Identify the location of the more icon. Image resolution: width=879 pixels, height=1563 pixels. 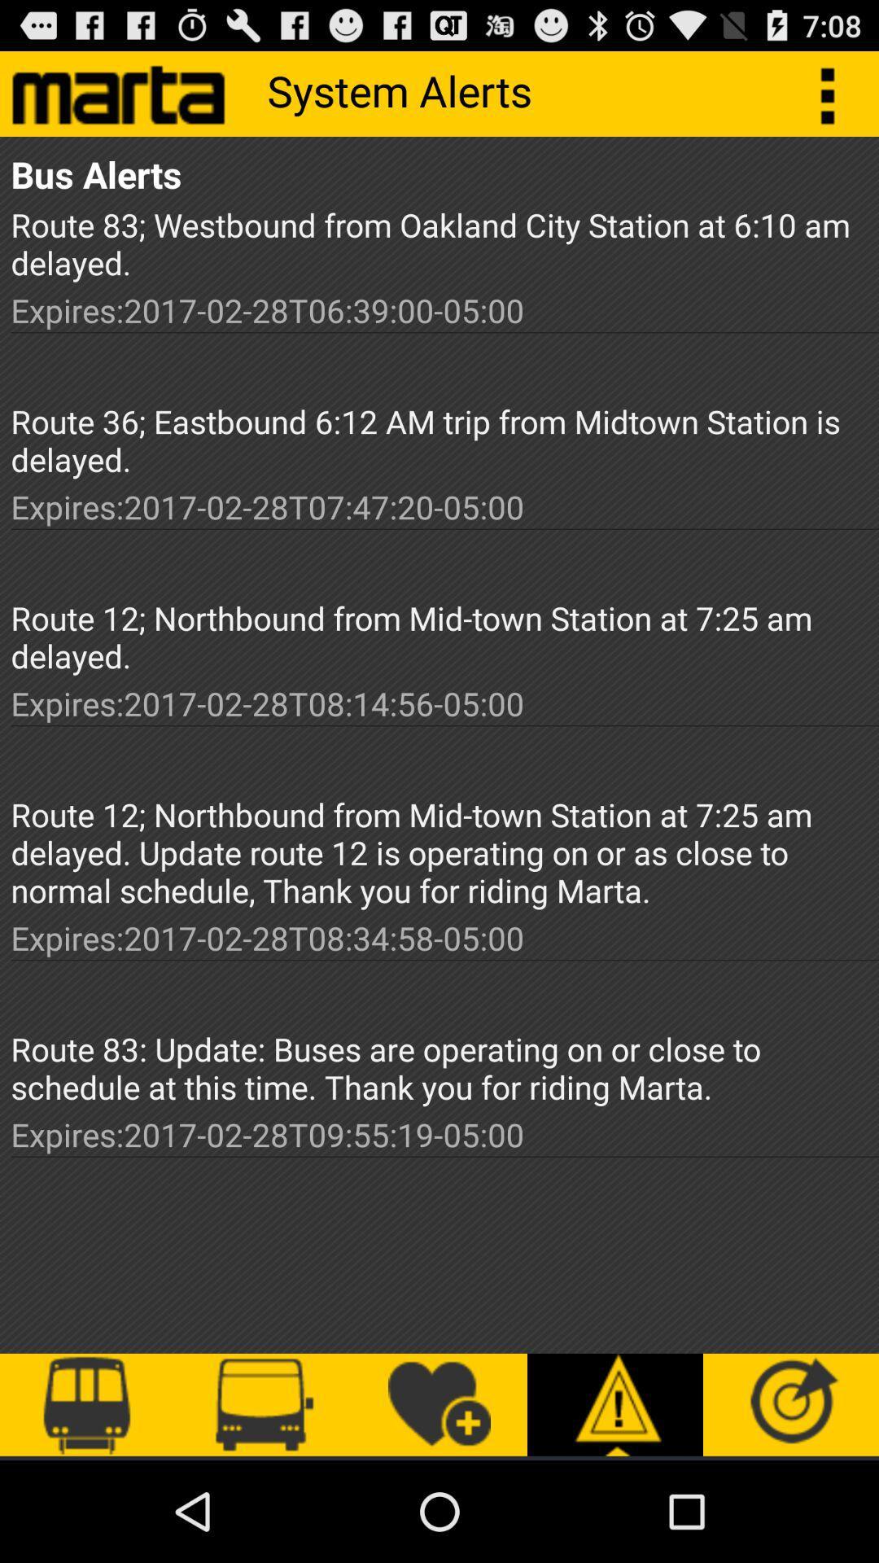
(836, 99).